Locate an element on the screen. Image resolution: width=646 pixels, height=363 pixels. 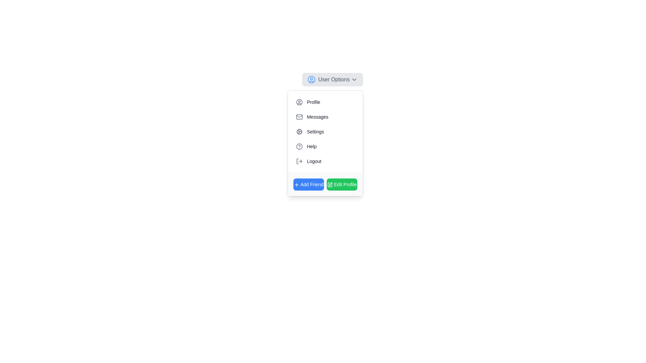
the '+' icon located to the left of the 'Add Friend' text within the blue button at the bottom-left corner of the menu panel is located at coordinates (296, 185).